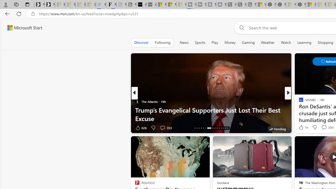 The height and width of the screenshot is (189, 336). I want to click on 'This story is trending', so click(277, 129).